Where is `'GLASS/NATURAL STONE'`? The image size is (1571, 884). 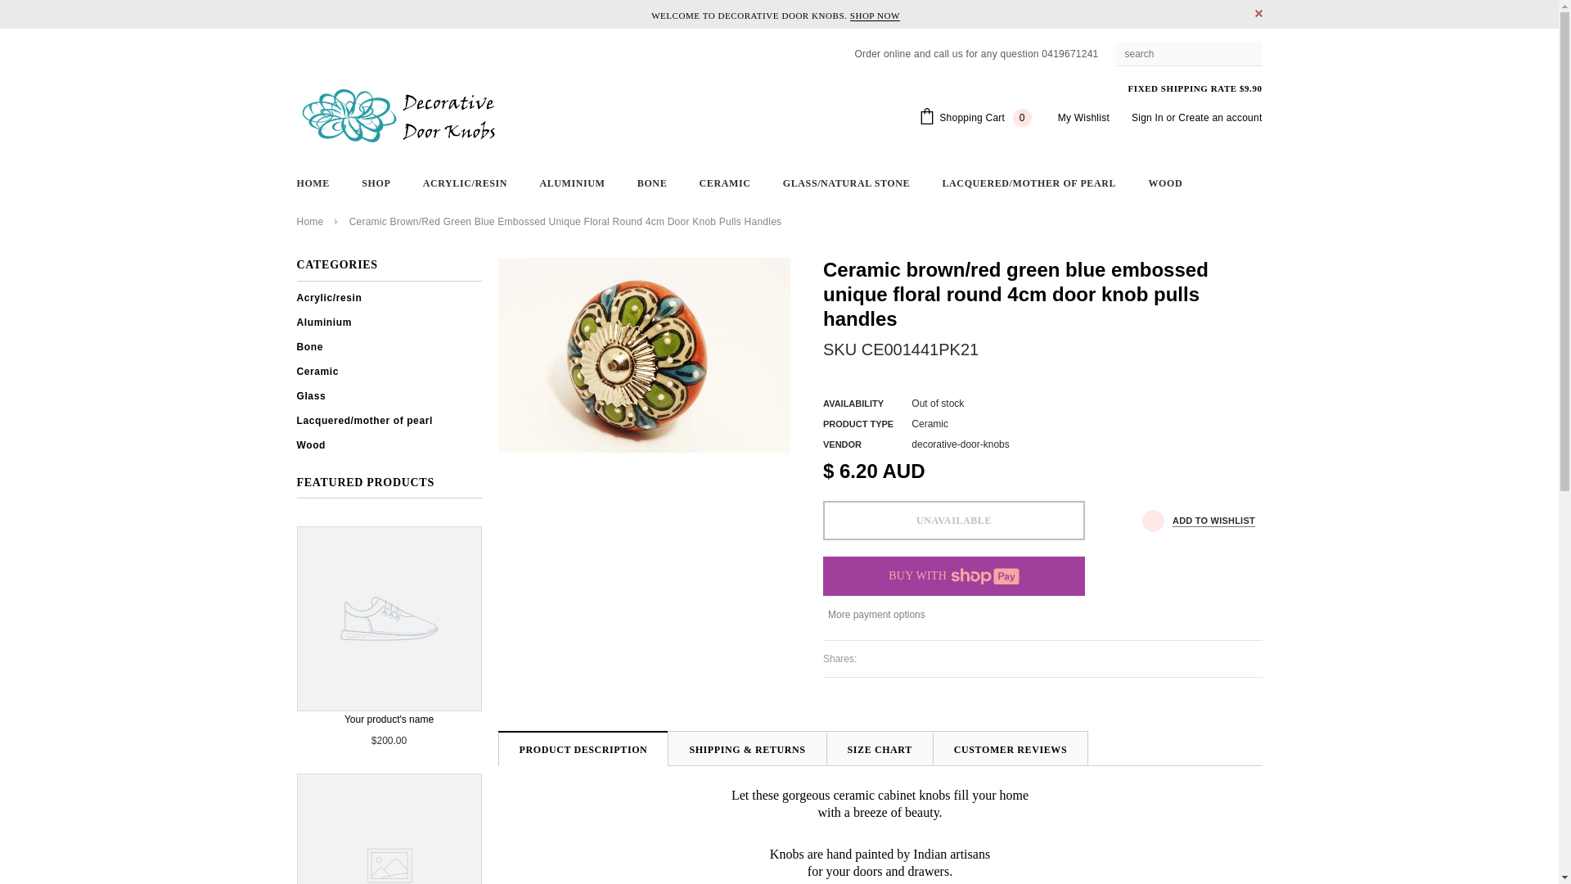 'GLASS/NATURAL STONE' is located at coordinates (846, 183).